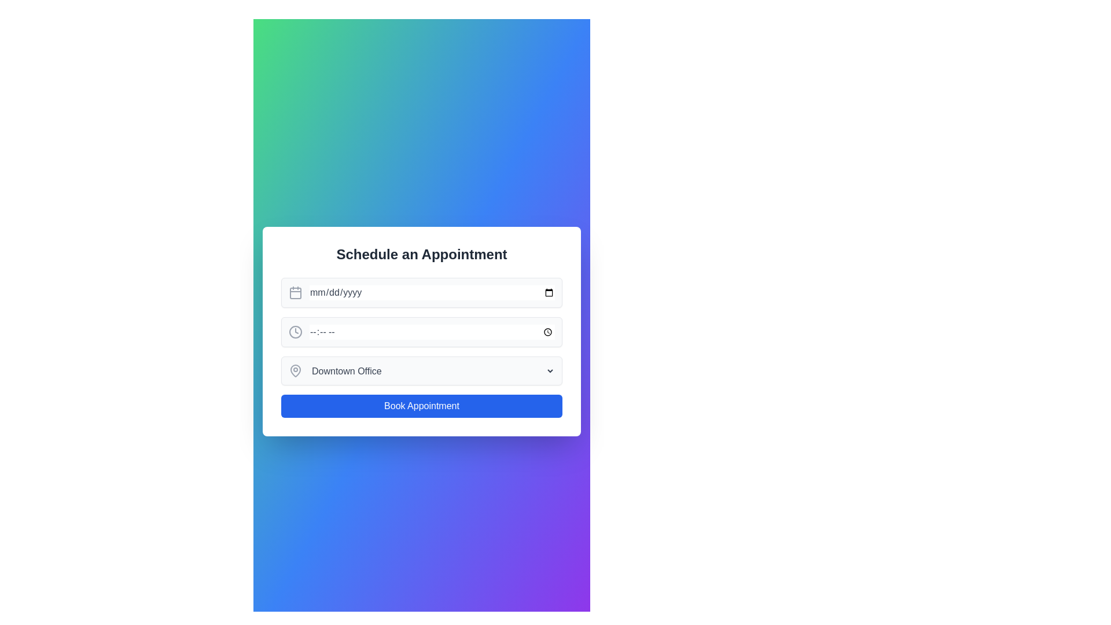 The height and width of the screenshot is (625, 1111). What do you see at coordinates (421, 253) in the screenshot?
I see `the title text positioned at the top of the white card, which provides context about the form's purpose` at bounding box center [421, 253].